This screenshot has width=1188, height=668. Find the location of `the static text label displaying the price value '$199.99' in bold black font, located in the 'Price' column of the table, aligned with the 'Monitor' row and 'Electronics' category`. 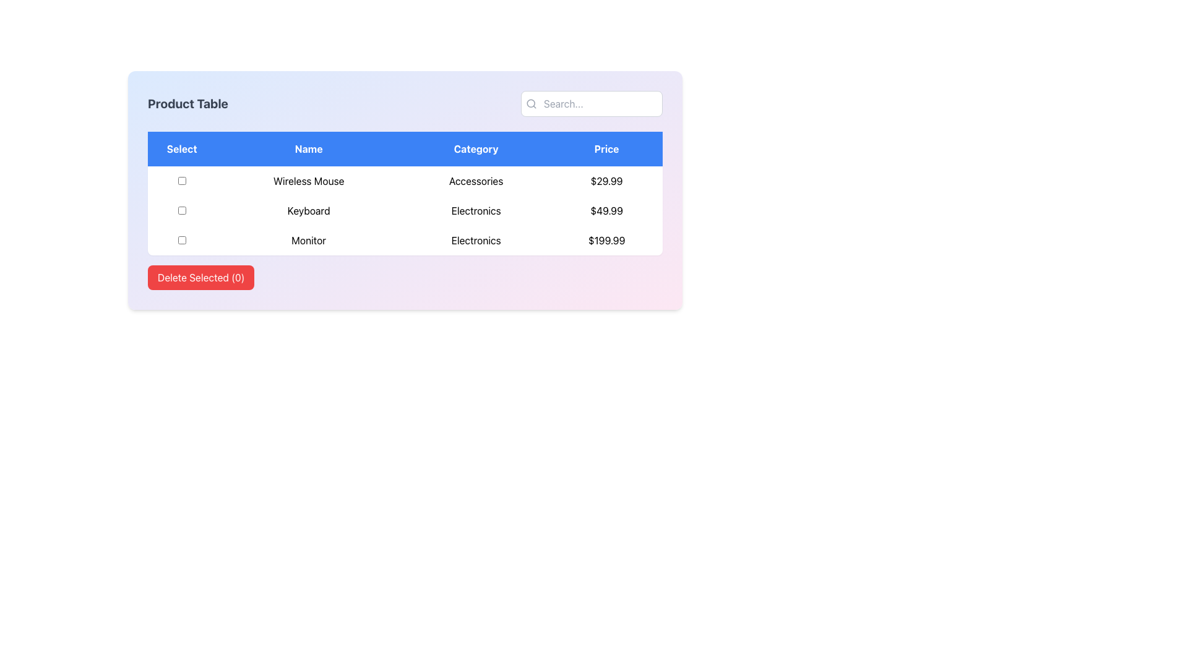

the static text label displaying the price value '$199.99' in bold black font, located in the 'Price' column of the table, aligned with the 'Monitor' row and 'Electronics' category is located at coordinates (606, 241).